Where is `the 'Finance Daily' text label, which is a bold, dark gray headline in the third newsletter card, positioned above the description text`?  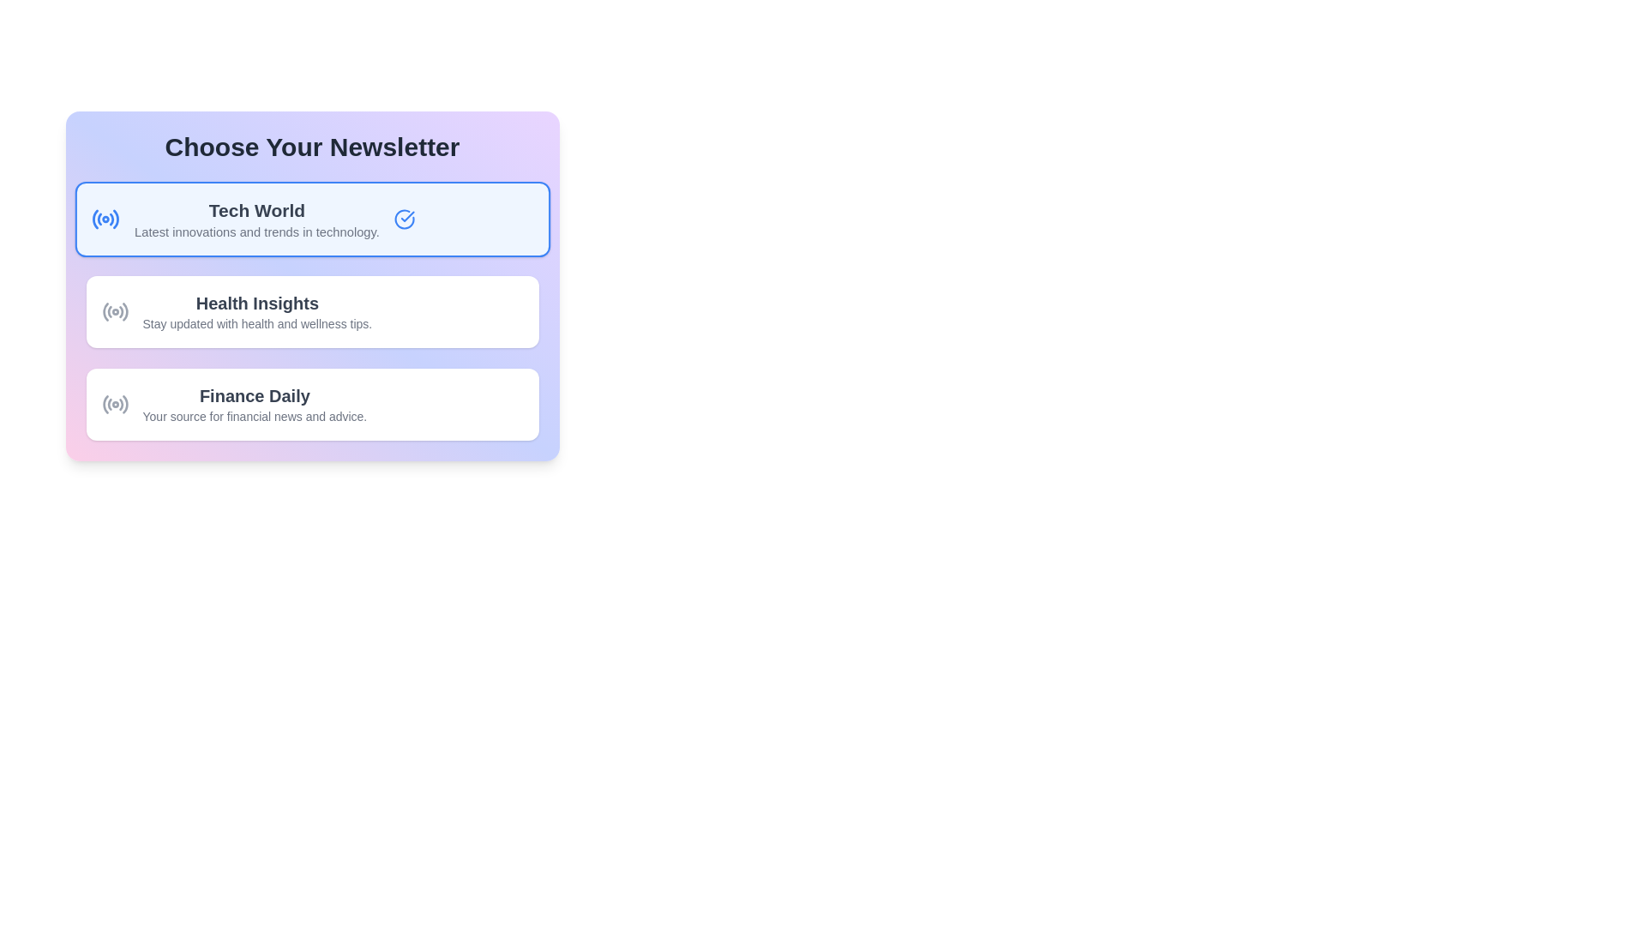 the 'Finance Daily' text label, which is a bold, dark gray headline in the third newsletter card, positioned above the description text is located at coordinates (254, 396).